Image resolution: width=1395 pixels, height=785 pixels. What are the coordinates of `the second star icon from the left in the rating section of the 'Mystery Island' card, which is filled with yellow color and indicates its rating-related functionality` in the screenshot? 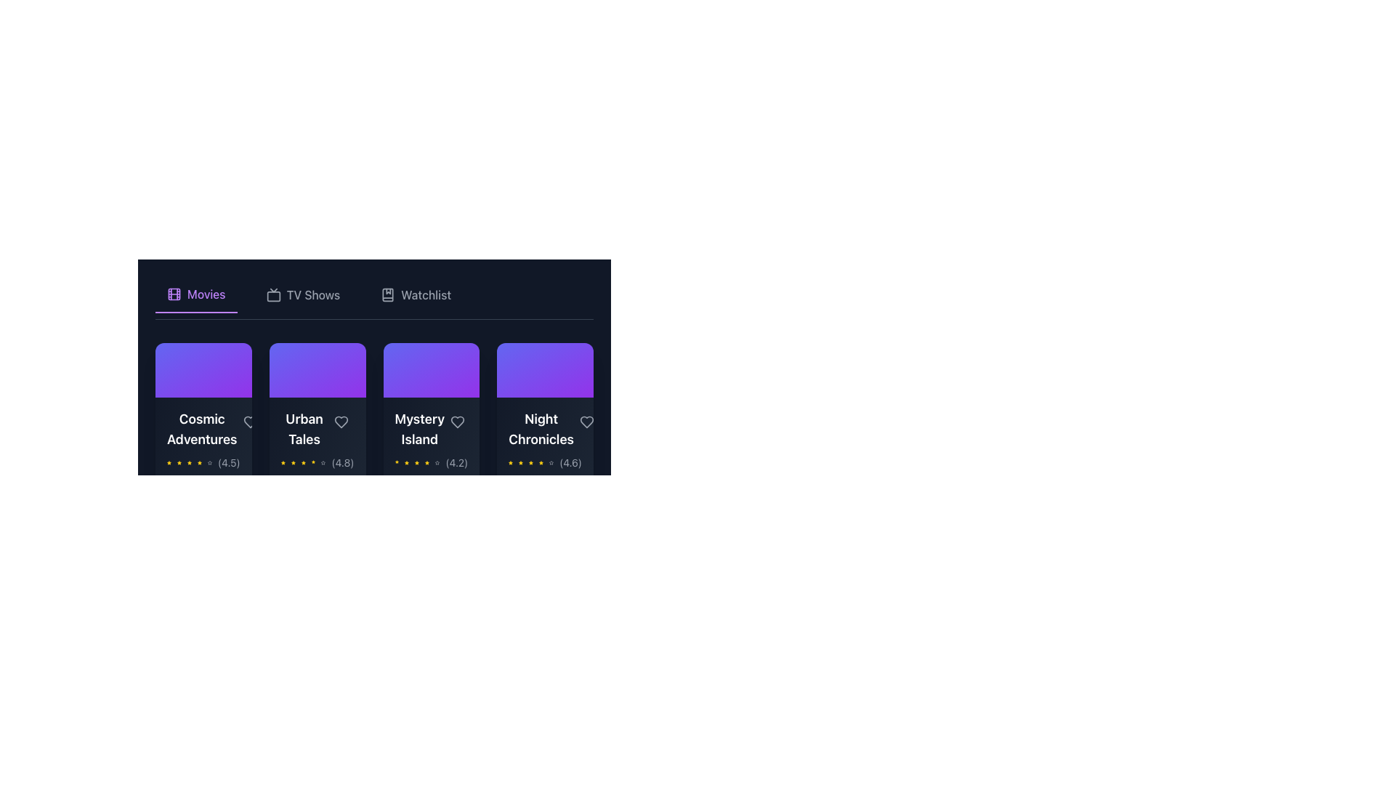 It's located at (407, 462).